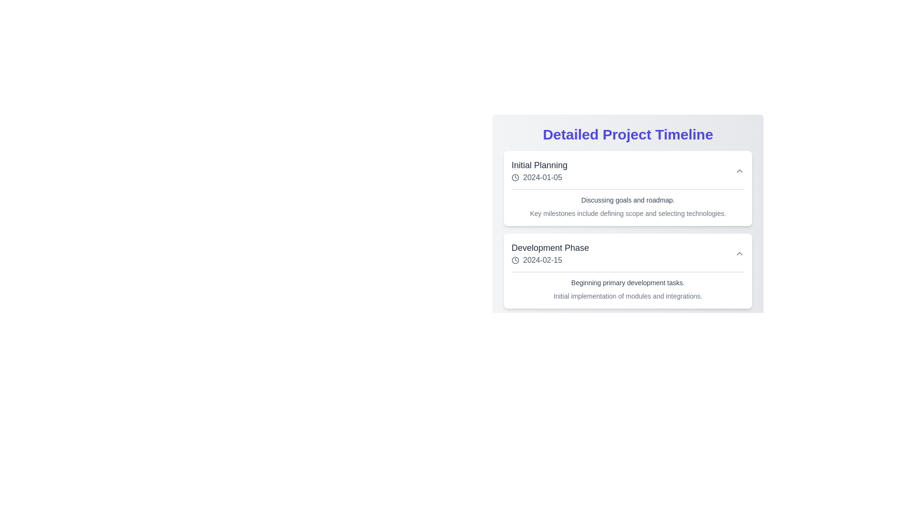 This screenshot has height=516, width=918. What do you see at coordinates (515, 260) in the screenshot?
I see `the SVG graphic icon located in the 'Development Phase' section of the 'Detailed Project Timeline', which visually indicates that the adjacent text represents a date or time` at bounding box center [515, 260].